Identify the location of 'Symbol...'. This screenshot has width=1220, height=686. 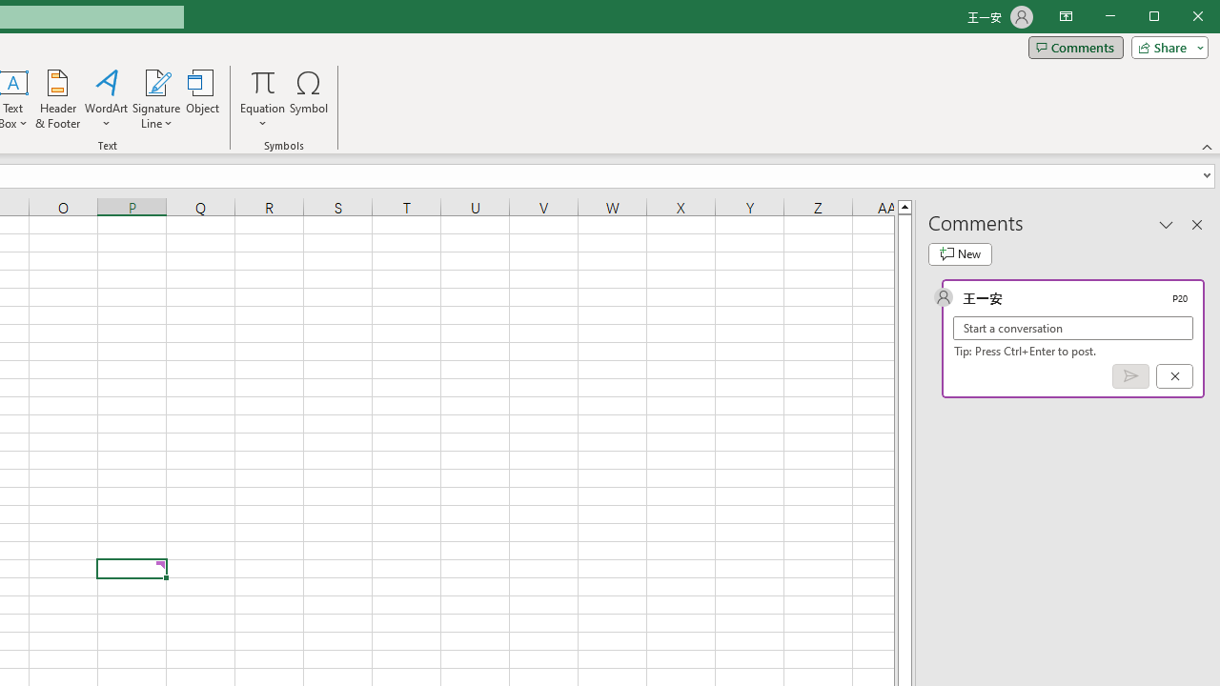
(309, 99).